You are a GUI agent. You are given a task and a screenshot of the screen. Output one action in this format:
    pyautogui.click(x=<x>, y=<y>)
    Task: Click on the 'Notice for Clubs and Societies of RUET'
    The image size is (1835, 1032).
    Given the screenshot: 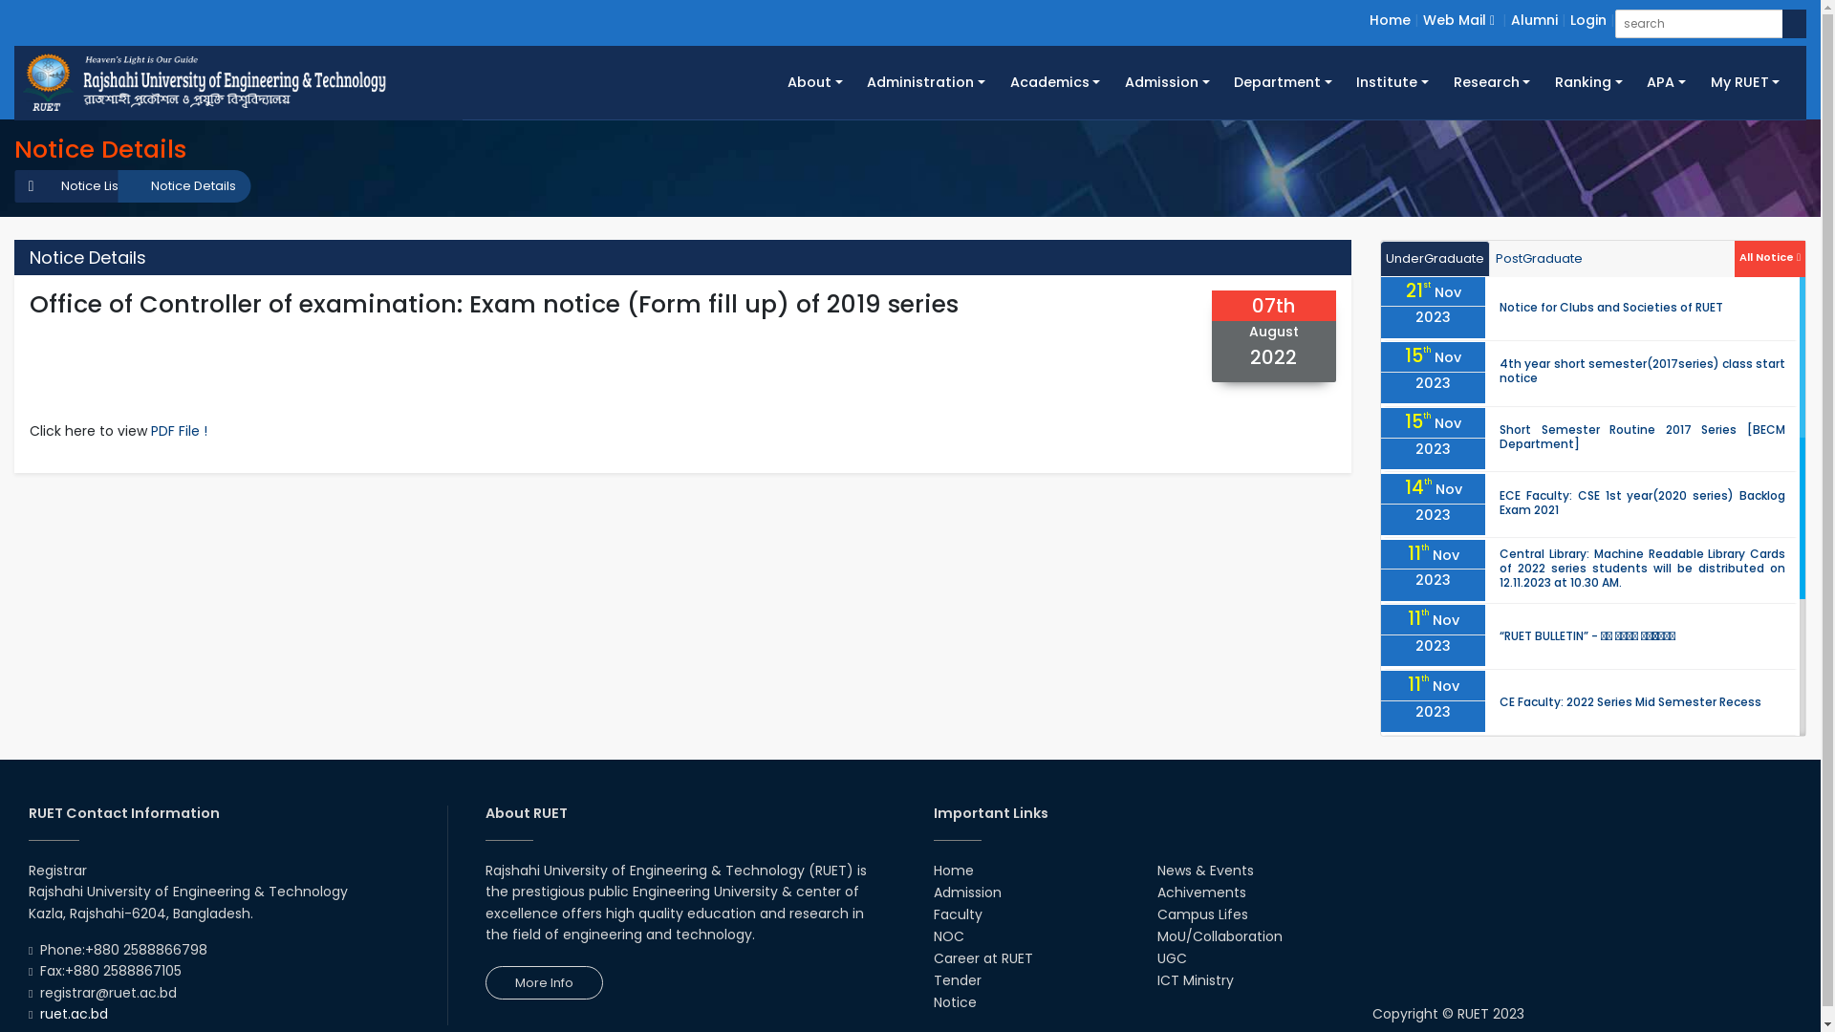 What is the action you would take?
    pyautogui.click(x=1609, y=306)
    